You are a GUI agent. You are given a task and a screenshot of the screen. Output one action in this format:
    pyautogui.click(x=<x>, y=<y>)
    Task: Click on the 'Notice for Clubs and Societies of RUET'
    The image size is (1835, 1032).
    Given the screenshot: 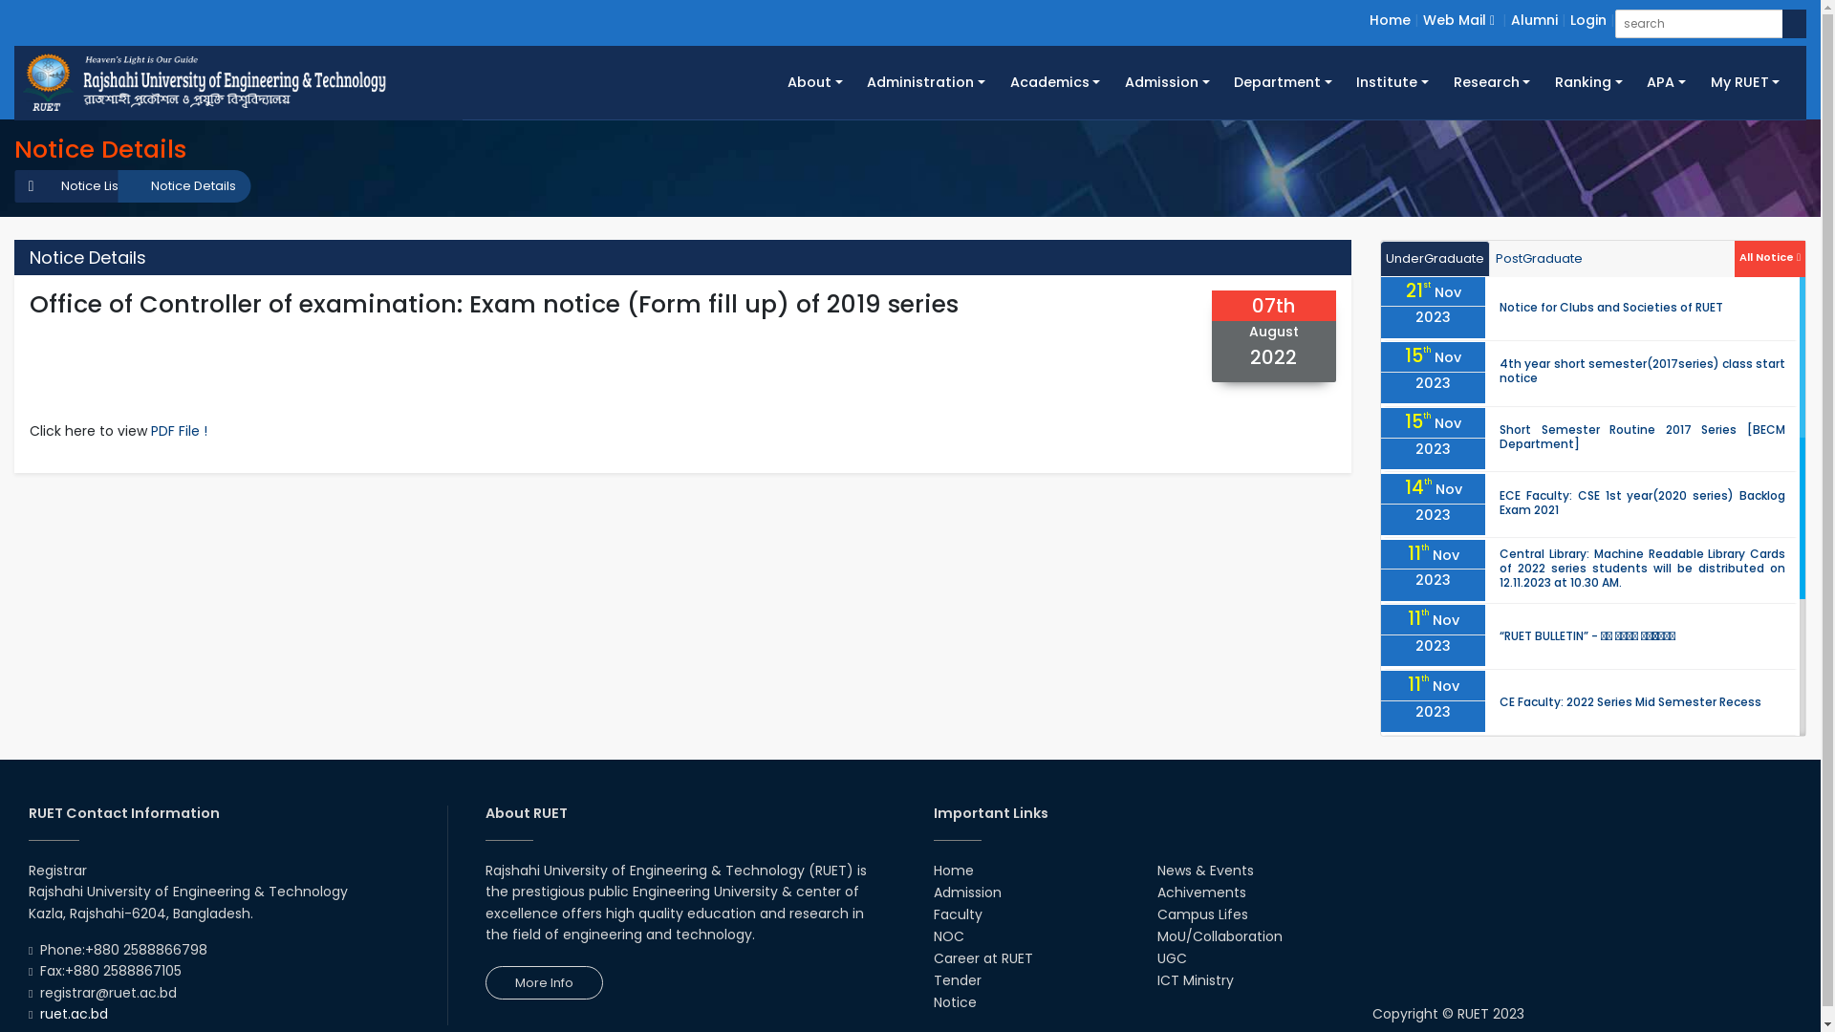 What is the action you would take?
    pyautogui.click(x=1609, y=306)
    